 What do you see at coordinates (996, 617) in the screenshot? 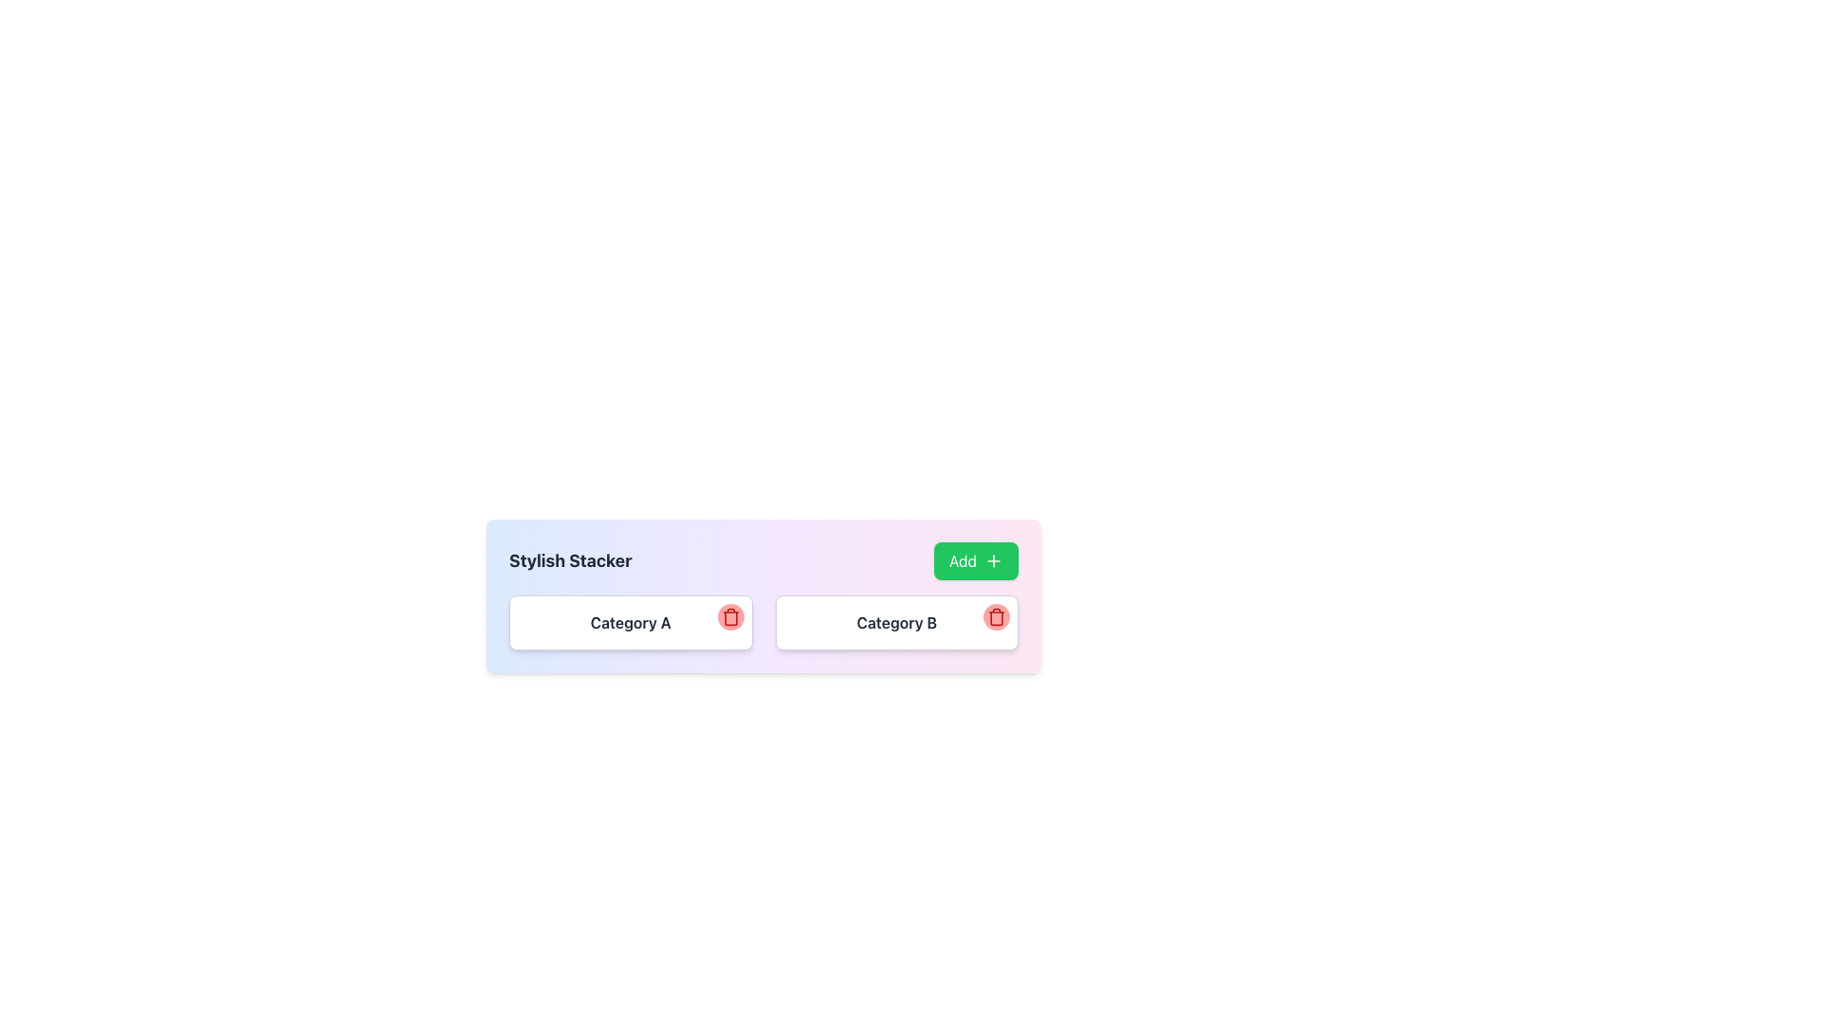
I see `the red circular button with a trash can icon located at the top-right corner of the 'Category B' card` at bounding box center [996, 617].